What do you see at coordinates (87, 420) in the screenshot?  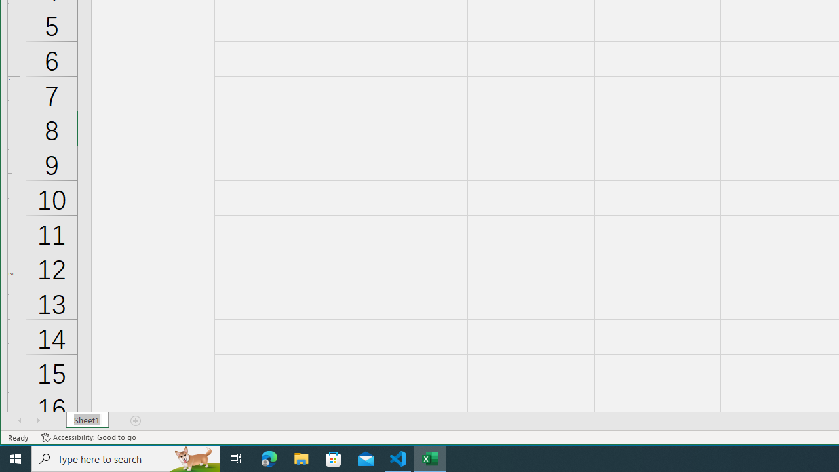 I see `'Sheet Tab'` at bounding box center [87, 420].